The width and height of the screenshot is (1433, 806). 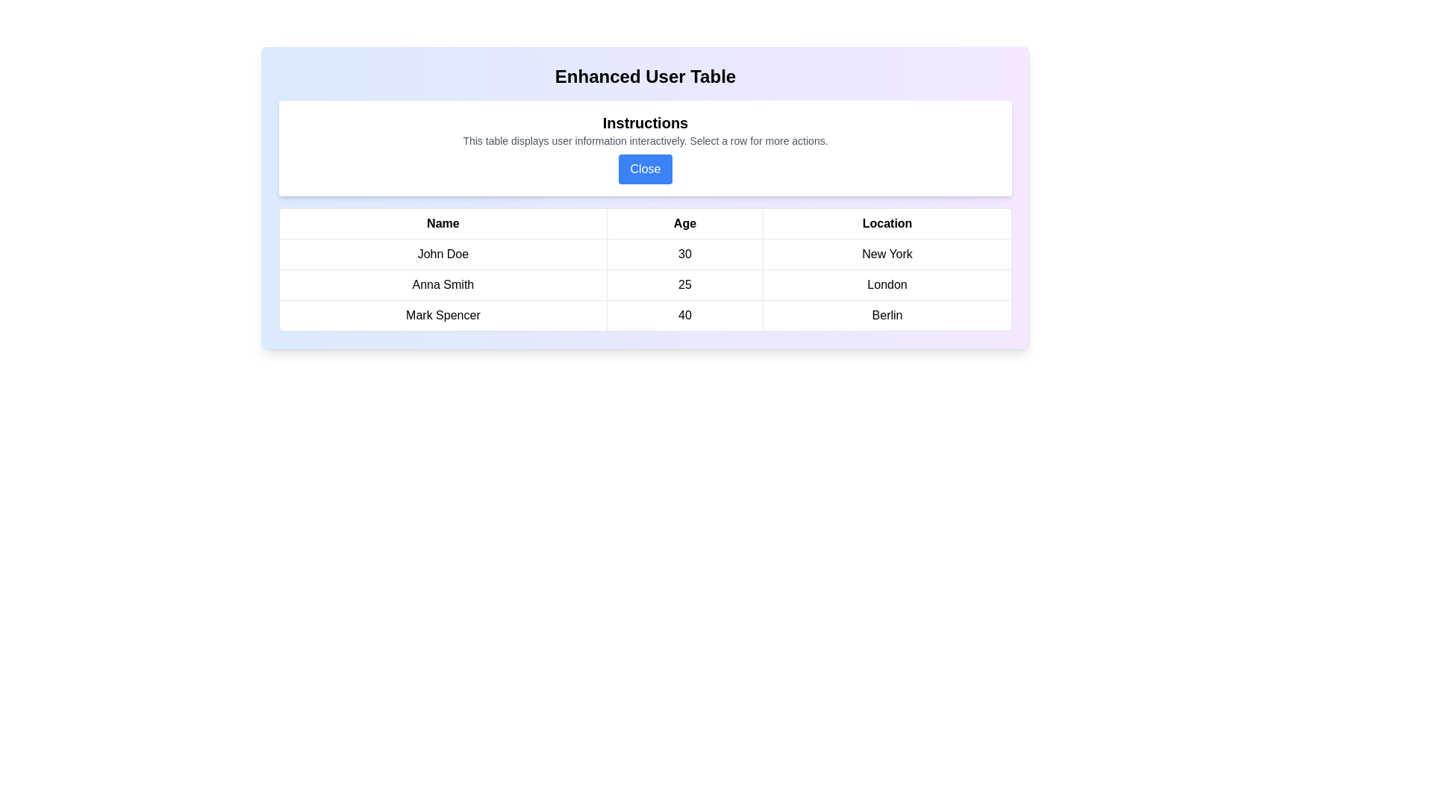 What do you see at coordinates (645, 315) in the screenshot?
I see `the third row of the table displaying the information for Mark Spencer (40 years old, located in Berlin)` at bounding box center [645, 315].